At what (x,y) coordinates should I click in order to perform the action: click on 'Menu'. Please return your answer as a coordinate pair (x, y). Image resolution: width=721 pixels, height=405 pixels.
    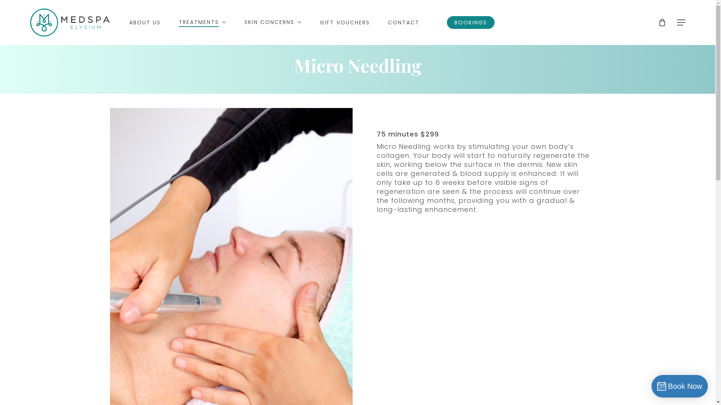
    Looking at the image, I should click on (681, 22).